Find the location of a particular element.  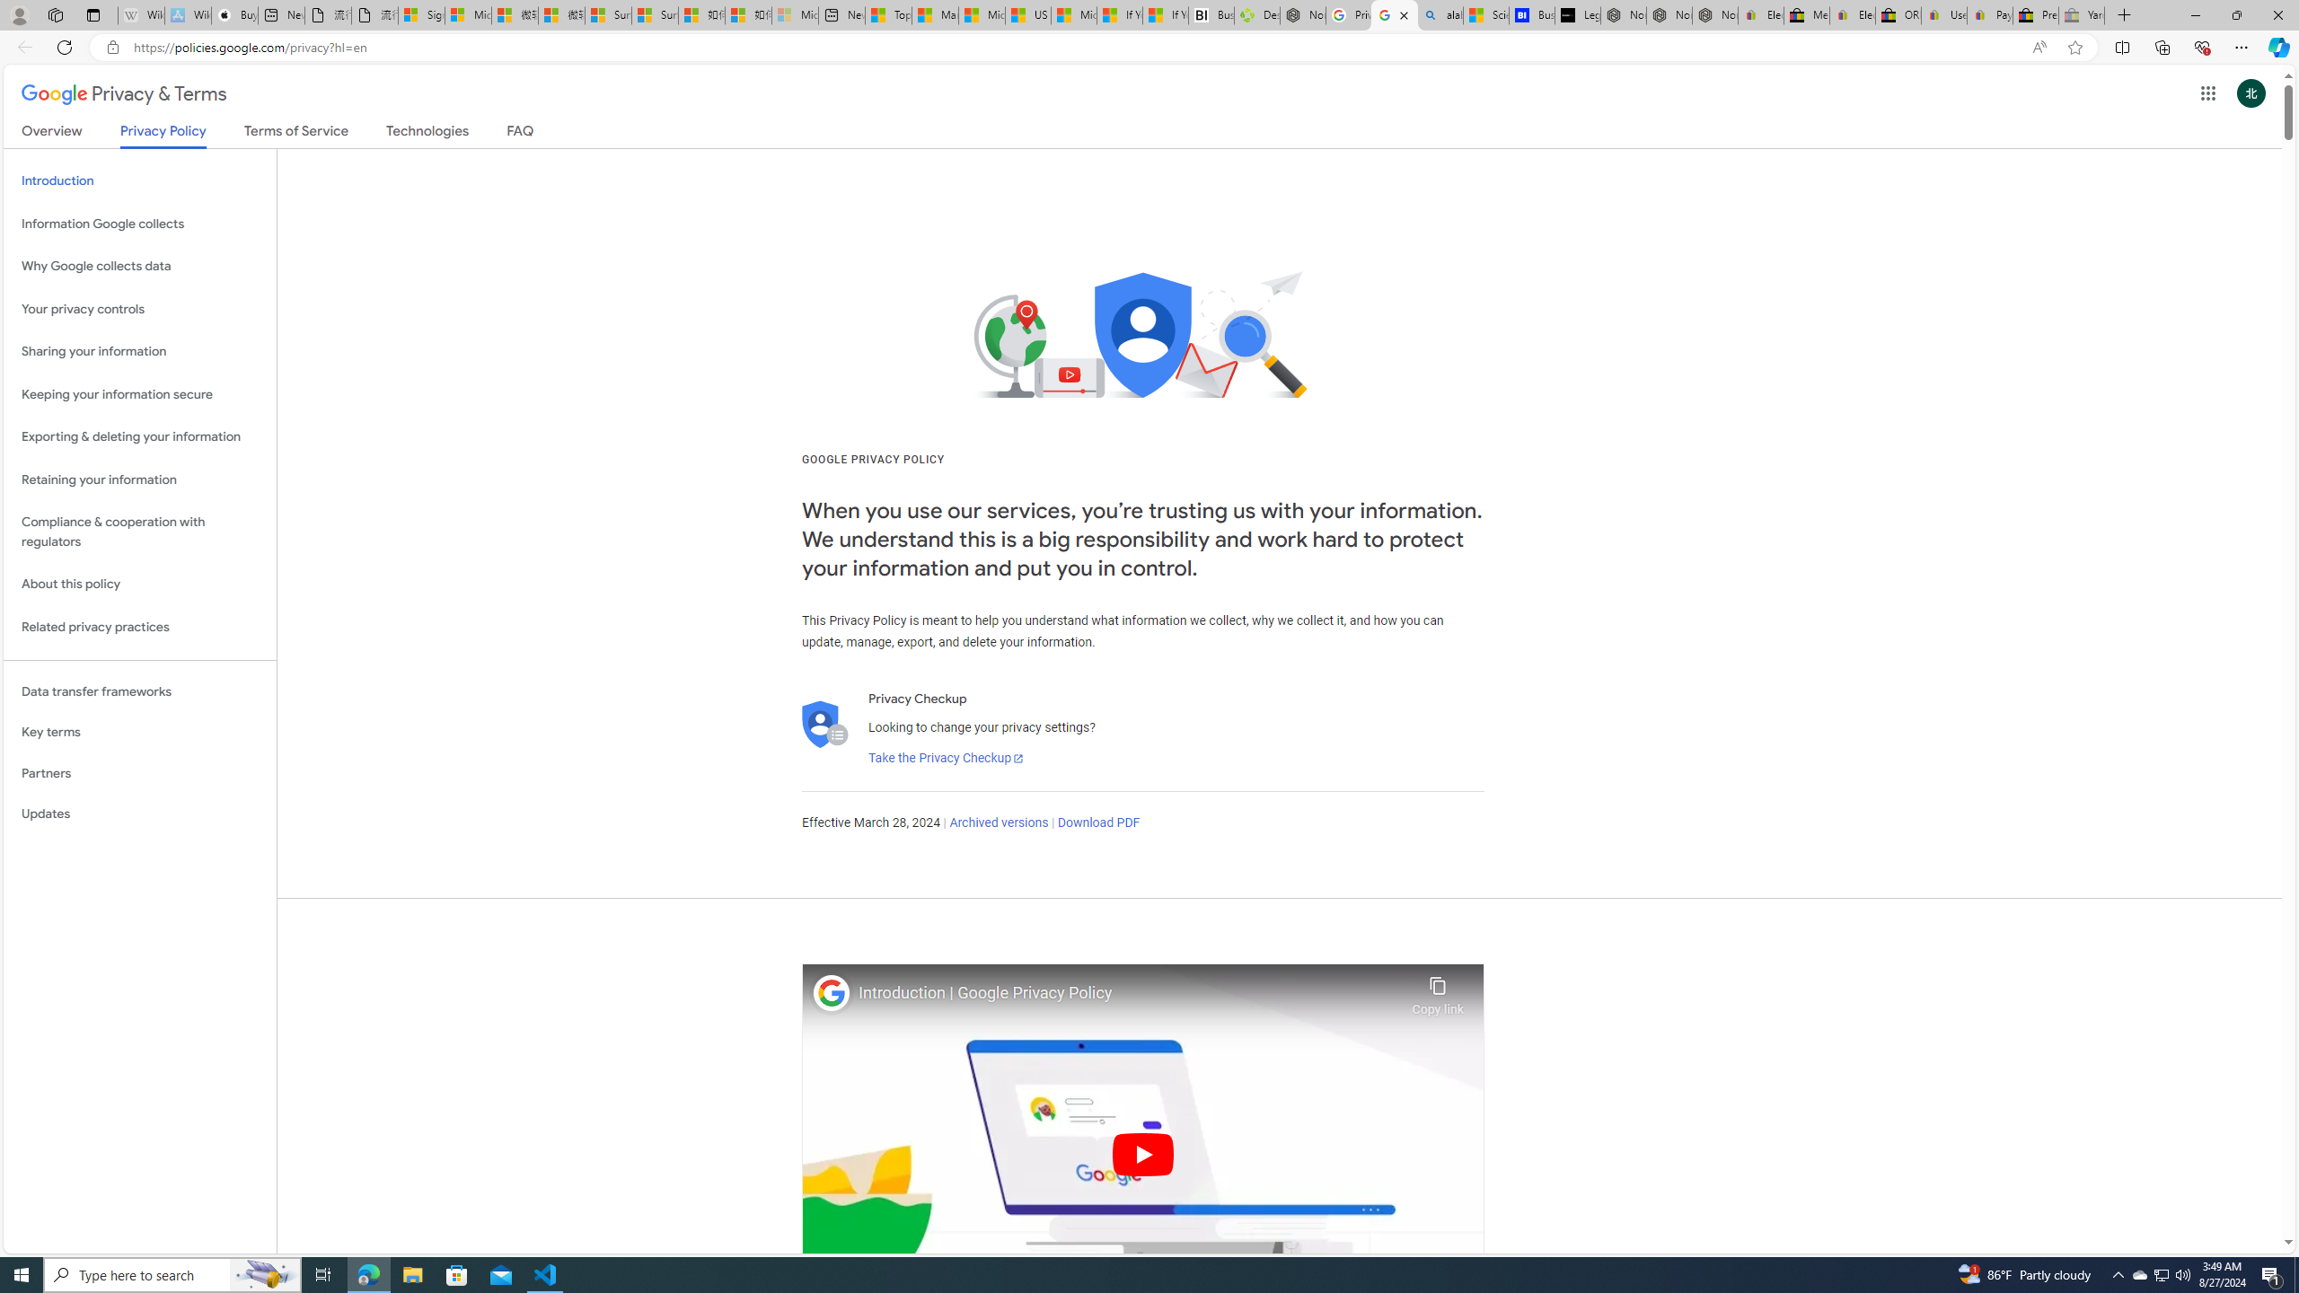

'Take the Privacy Checkup' is located at coordinates (946, 759).